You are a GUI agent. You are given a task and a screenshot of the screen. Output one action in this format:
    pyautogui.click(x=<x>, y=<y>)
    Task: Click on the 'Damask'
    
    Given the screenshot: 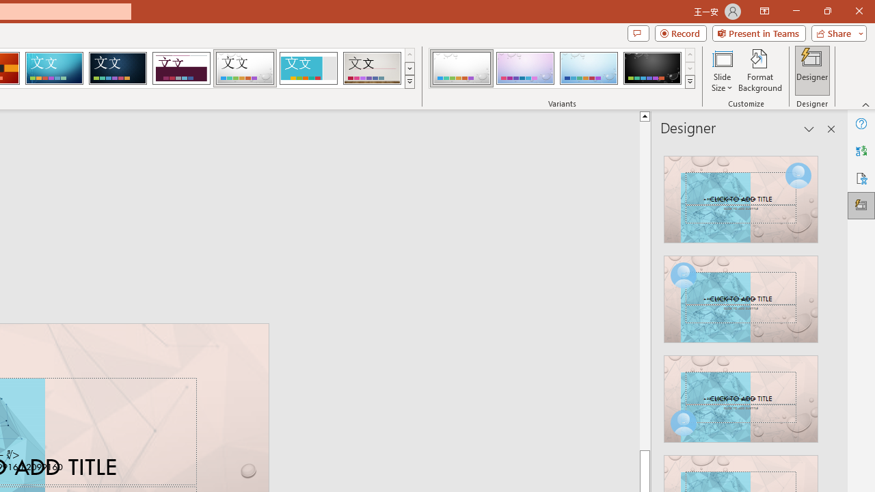 What is the action you would take?
    pyautogui.click(x=118, y=68)
    